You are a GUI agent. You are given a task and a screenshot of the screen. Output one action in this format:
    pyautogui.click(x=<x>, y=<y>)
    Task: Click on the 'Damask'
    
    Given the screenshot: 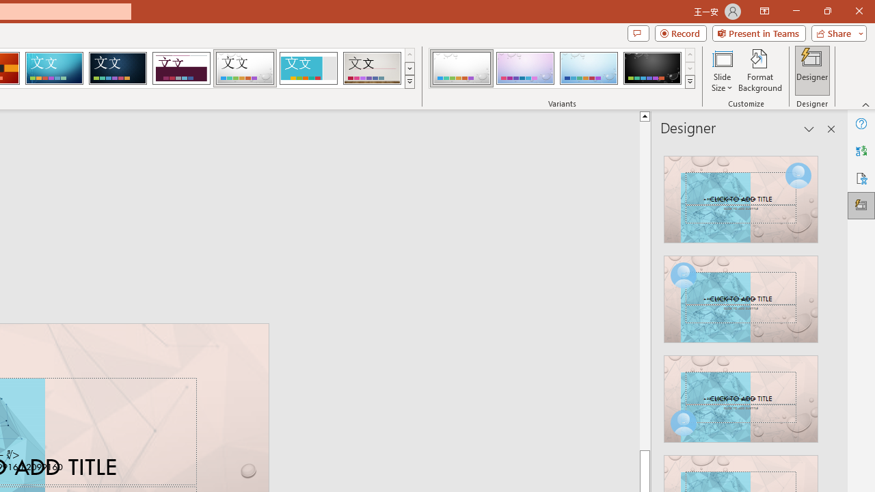 What is the action you would take?
    pyautogui.click(x=118, y=68)
    